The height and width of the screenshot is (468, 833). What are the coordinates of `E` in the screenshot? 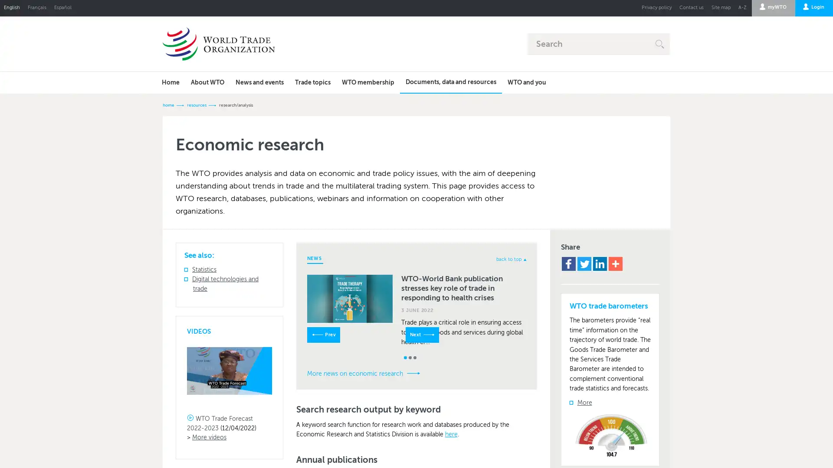 It's located at (658, 44).